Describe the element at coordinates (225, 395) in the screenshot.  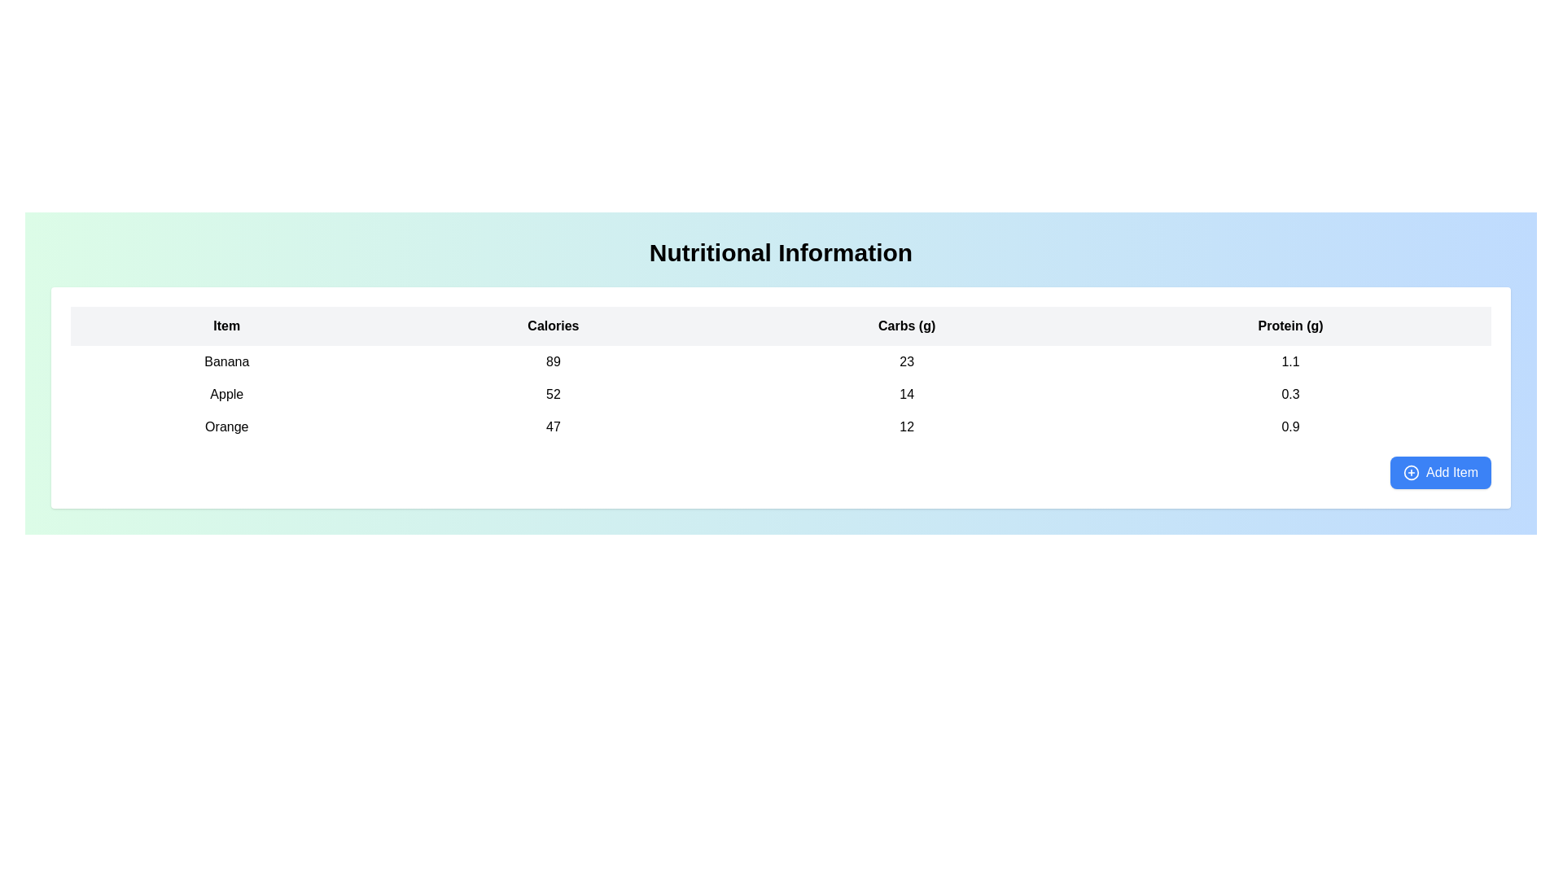
I see `the Text label displaying the name of a food item in the nutritional information table, located in the second row under the 'Item' column` at that location.